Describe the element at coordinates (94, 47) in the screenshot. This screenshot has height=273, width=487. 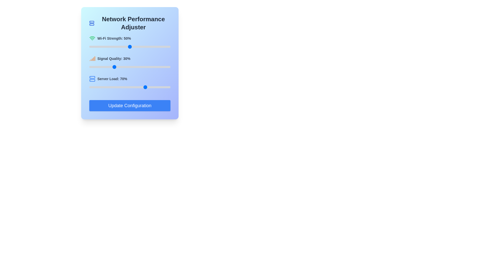
I see `Wi-Fi strength` at that location.